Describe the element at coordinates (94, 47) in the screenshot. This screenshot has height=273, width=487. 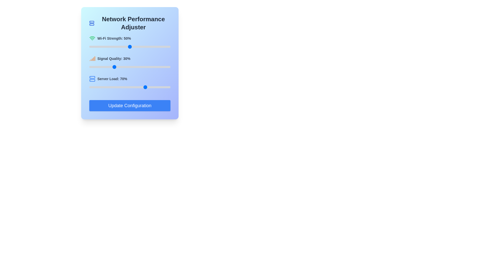
I see `Wi-Fi strength` at that location.